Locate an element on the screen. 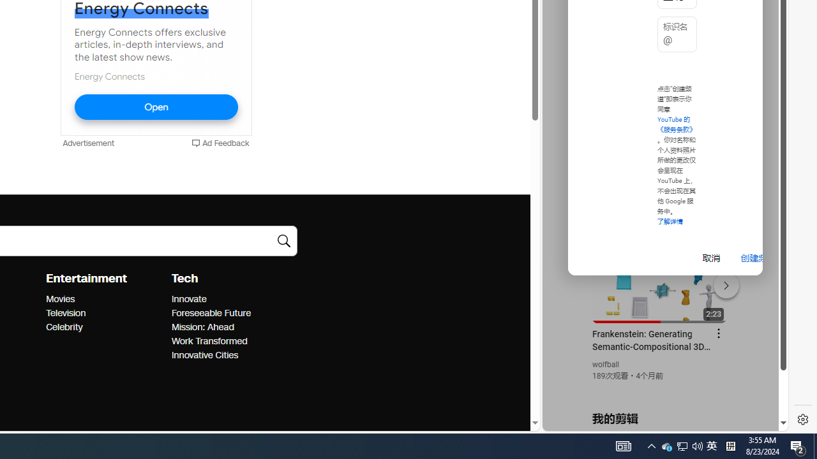  'Open' is located at coordinates (155, 106).